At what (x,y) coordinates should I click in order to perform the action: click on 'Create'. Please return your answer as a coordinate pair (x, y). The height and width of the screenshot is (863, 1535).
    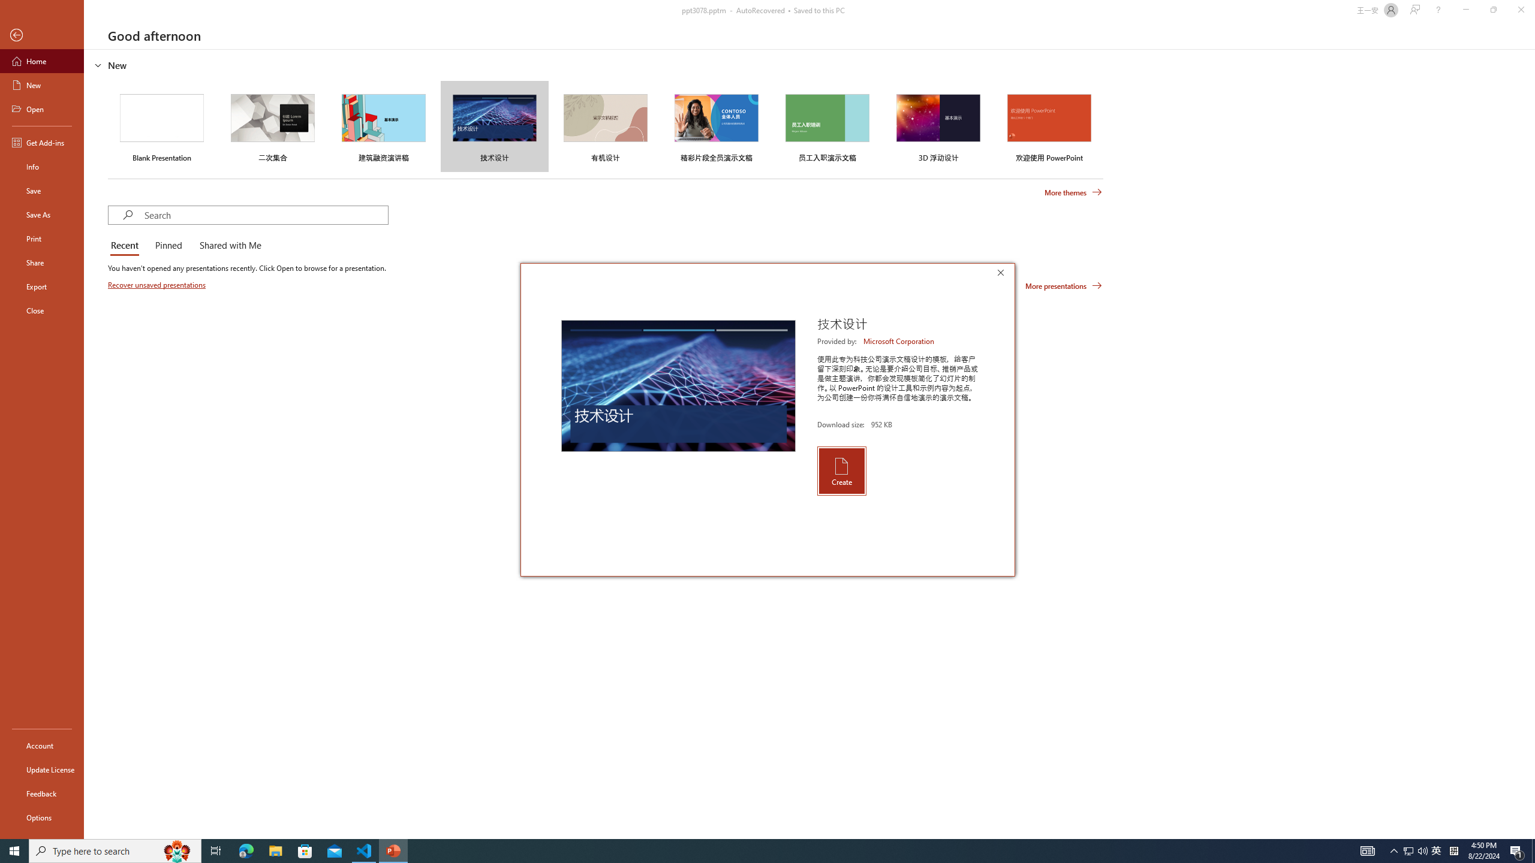
    Looking at the image, I should click on (841, 470).